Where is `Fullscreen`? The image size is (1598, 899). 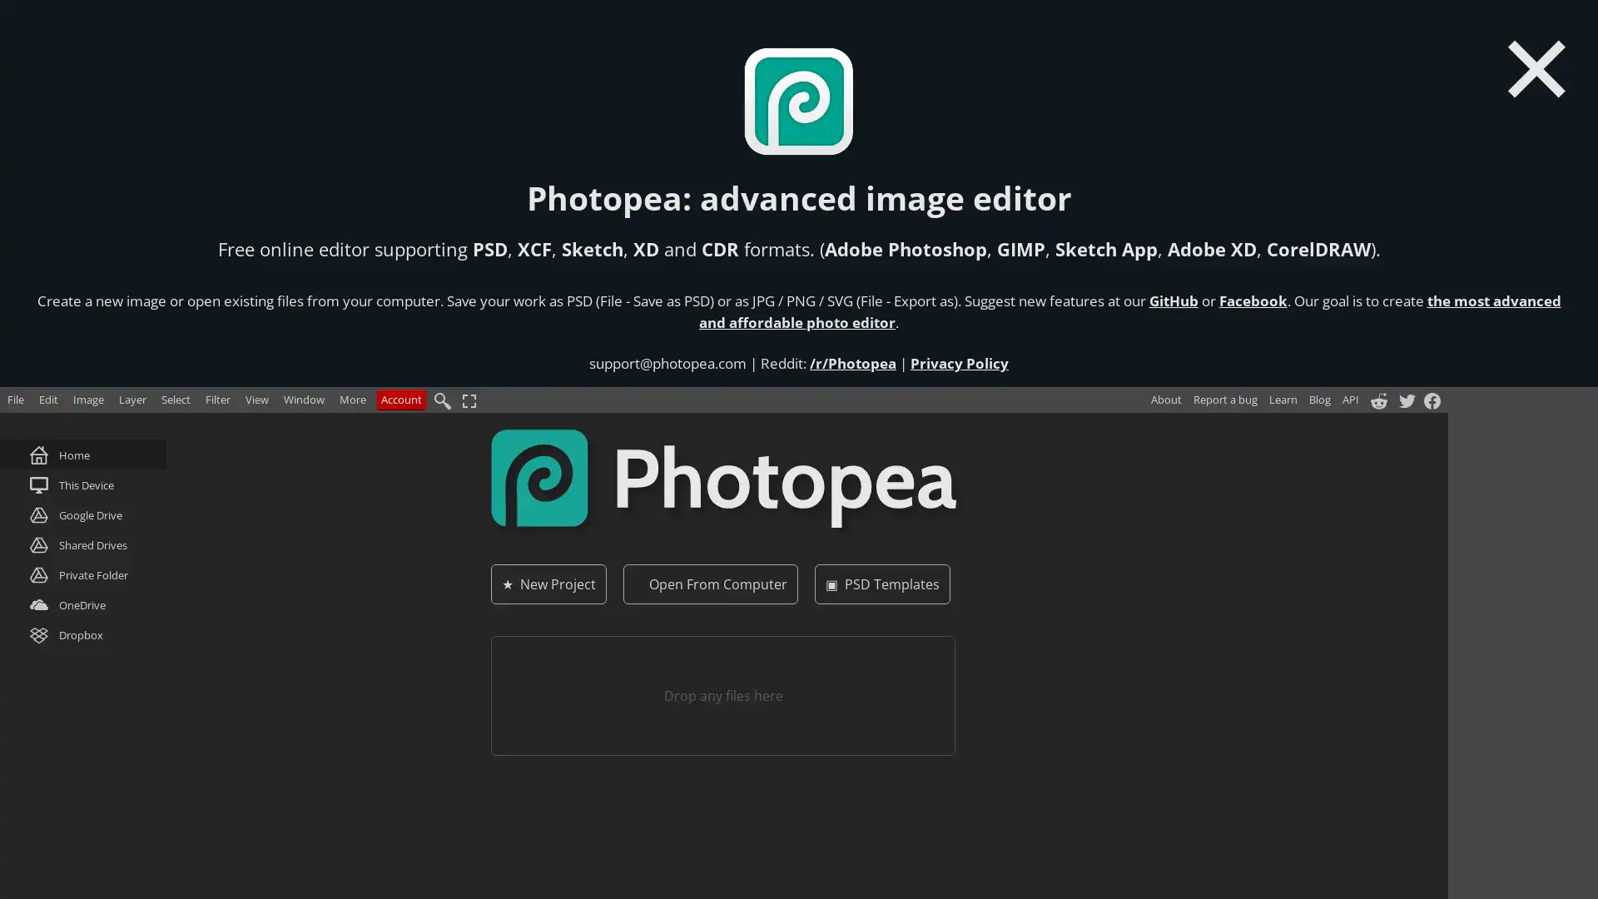
Fullscreen is located at coordinates (468, 12).